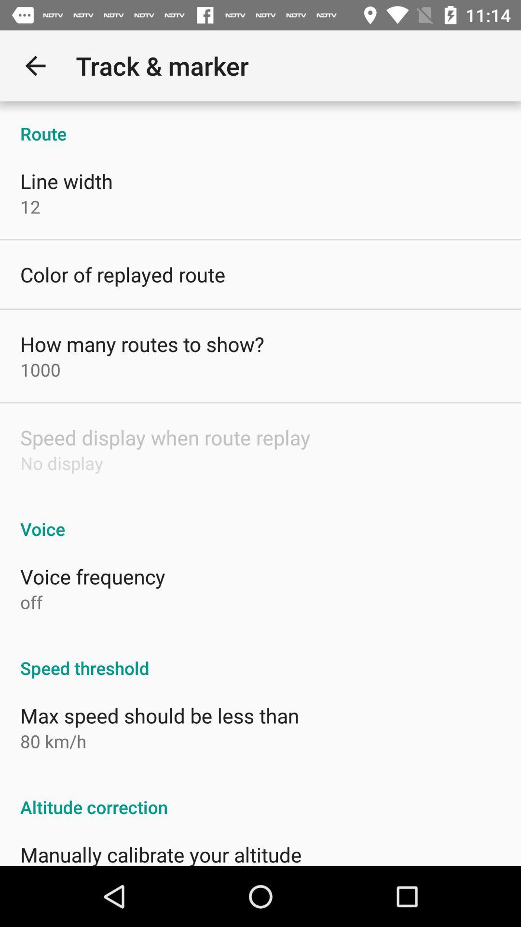 The height and width of the screenshot is (927, 521). Describe the element at coordinates (260, 797) in the screenshot. I see `altitude correction` at that location.